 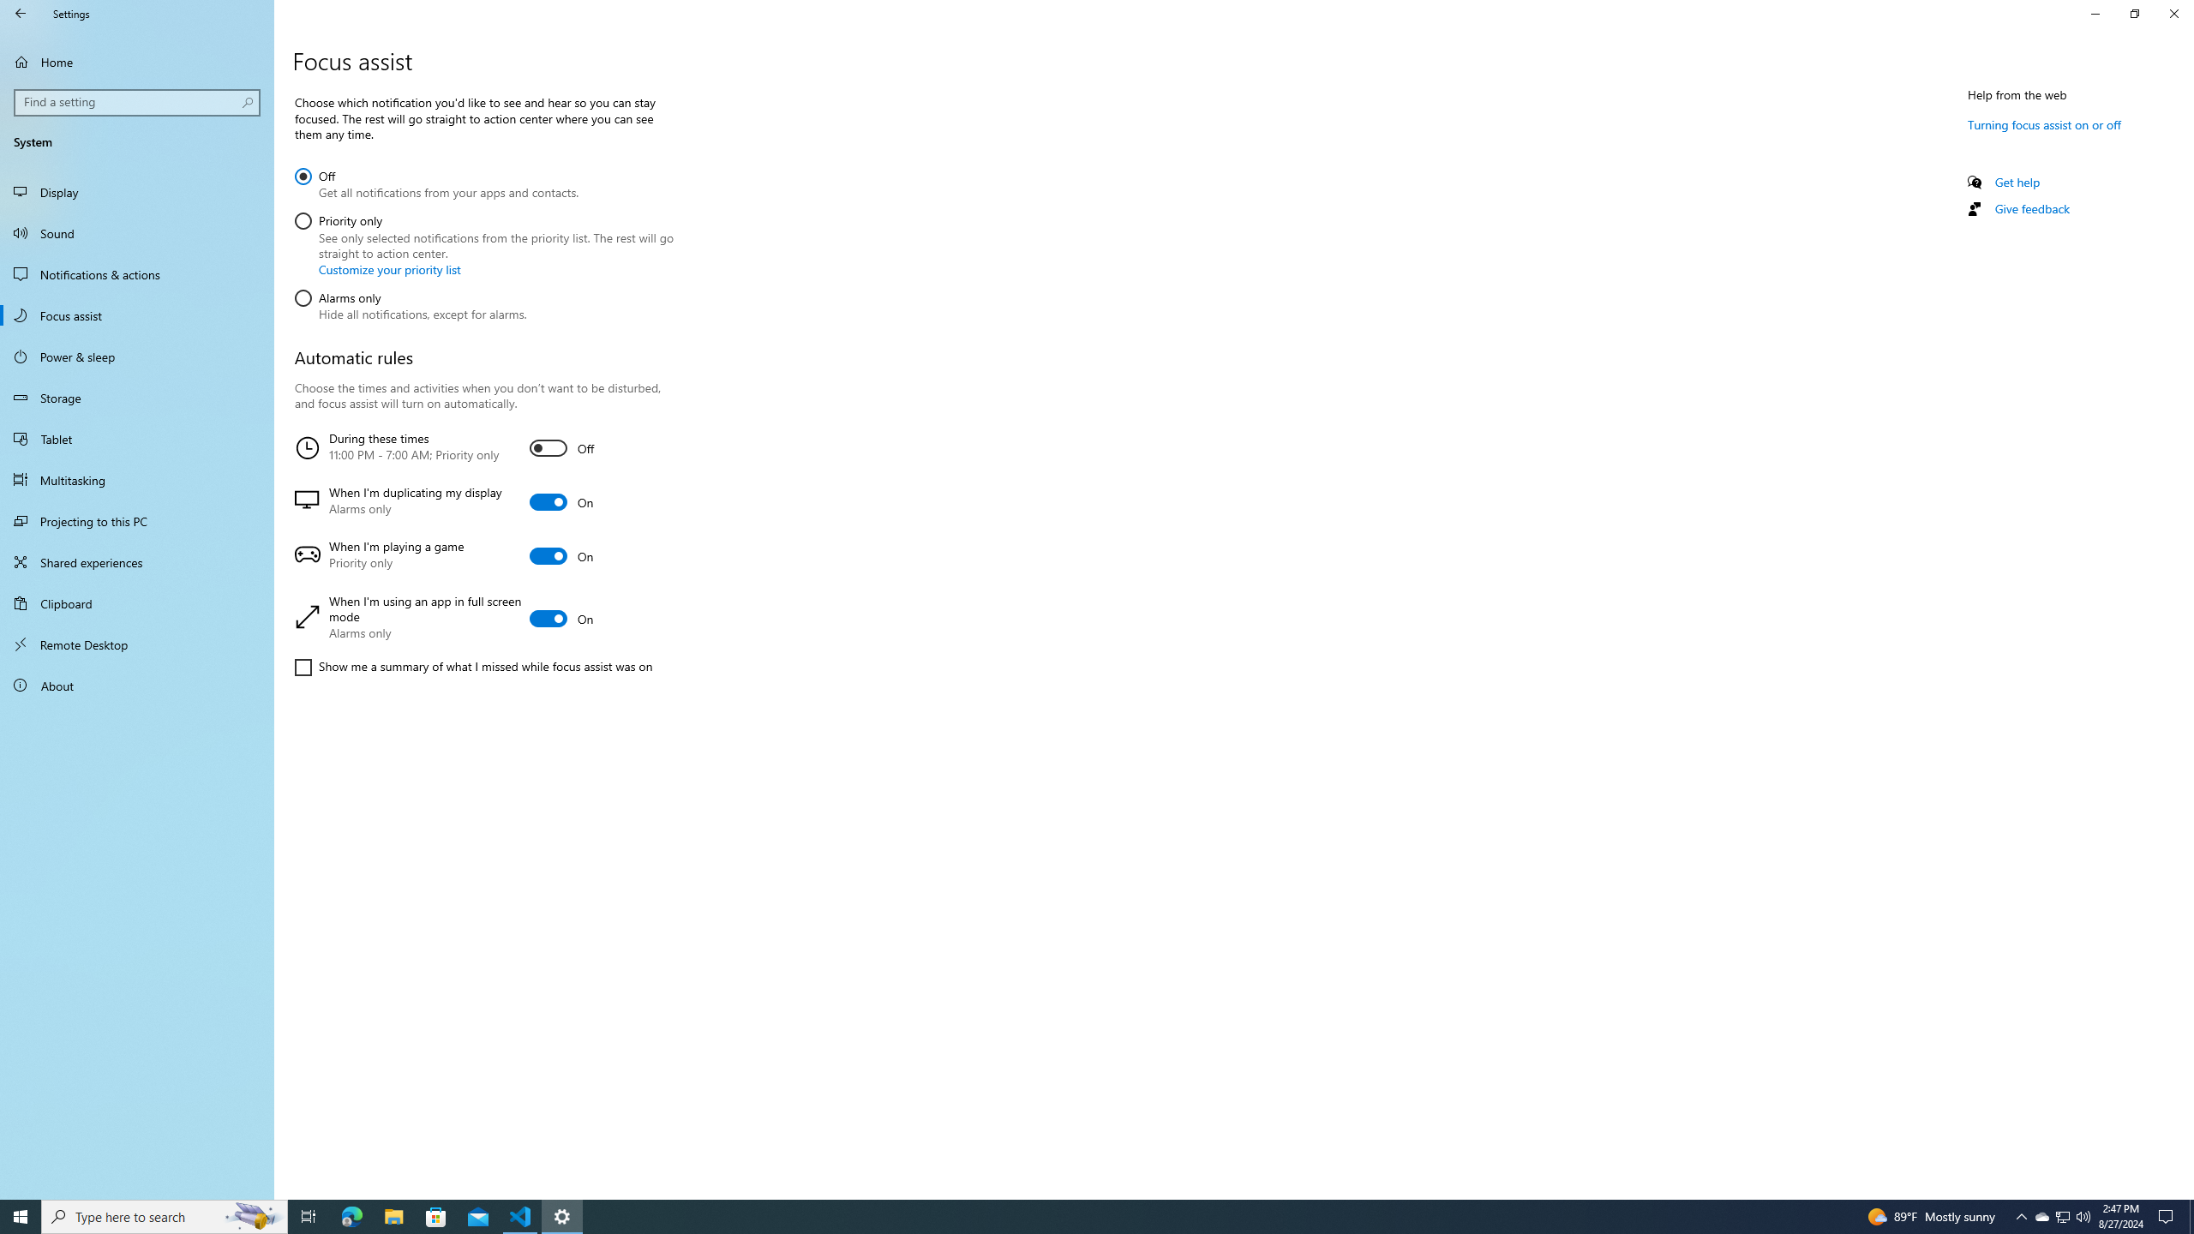 I want to click on 'Projecting to this PC', so click(x=136, y=521).